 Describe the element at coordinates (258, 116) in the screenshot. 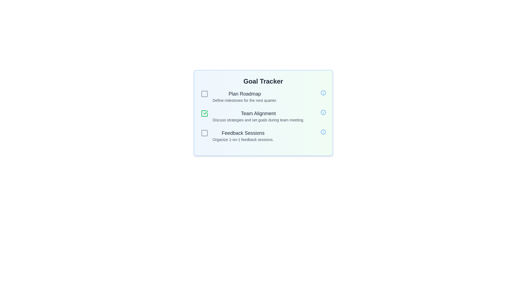

I see `the 'Team Alignment' text display, which is the second option in the list of team goals, positioned between 'Plan Roadmap' and 'Feedback Sessions'` at that location.